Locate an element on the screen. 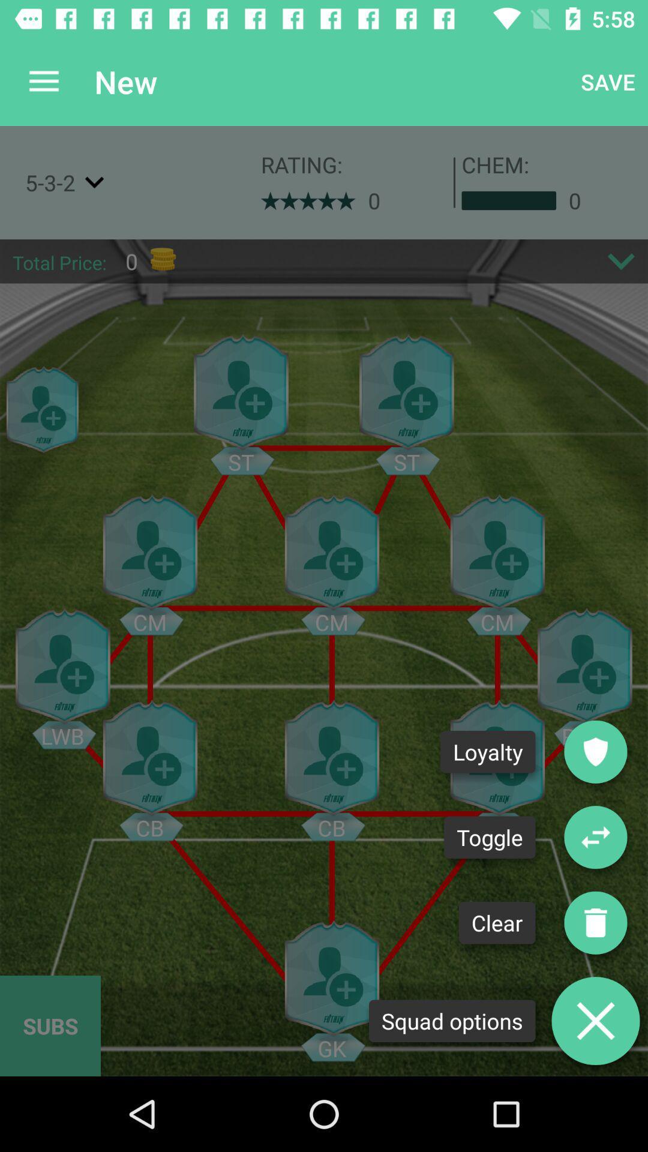 This screenshot has height=1152, width=648. the expand_more icon is located at coordinates (621, 260).